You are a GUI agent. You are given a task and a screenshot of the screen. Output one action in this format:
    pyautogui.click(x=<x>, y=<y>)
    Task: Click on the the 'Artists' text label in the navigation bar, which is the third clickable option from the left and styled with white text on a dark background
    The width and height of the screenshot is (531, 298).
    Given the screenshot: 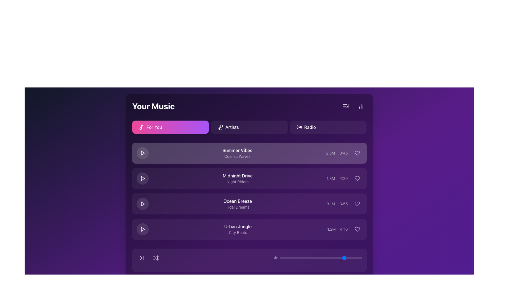 What is the action you would take?
    pyautogui.click(x=232, y=127)
    